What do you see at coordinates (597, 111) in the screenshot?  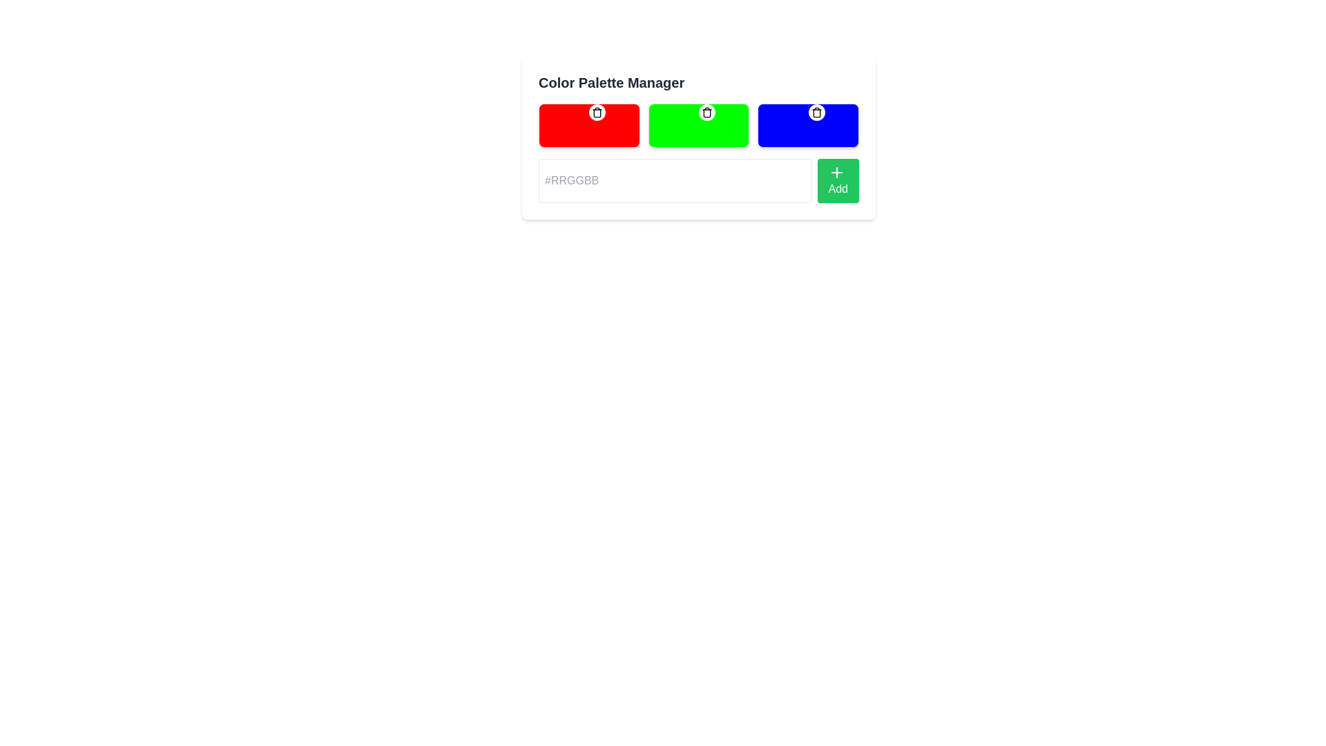 I see `the trash can icon located on the upper-right corner of the red block to possibly display additional action cues` at bounding box center [597, 111].